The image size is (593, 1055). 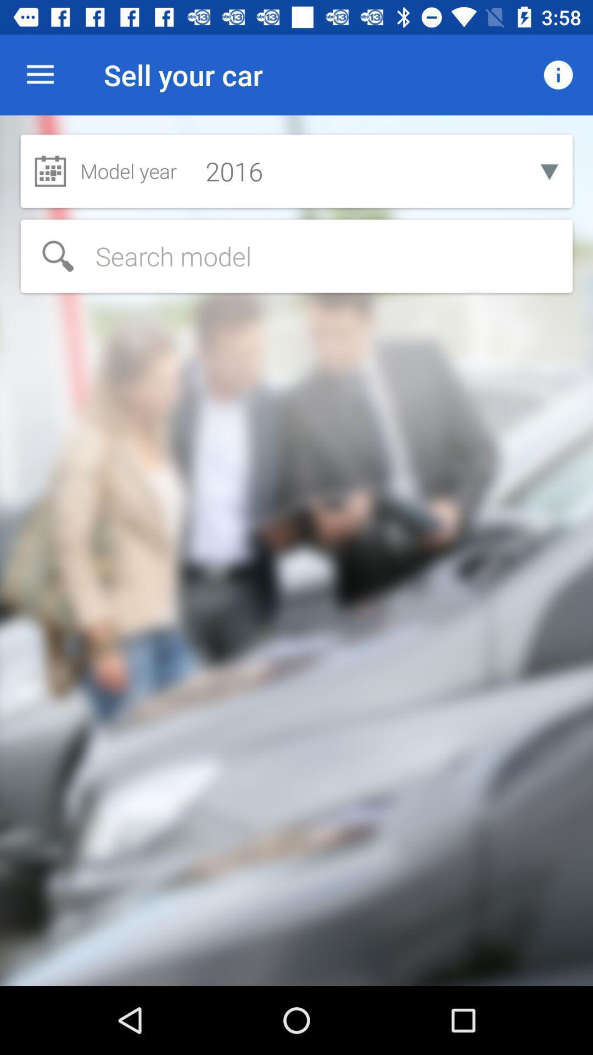 What do you see at coordinates (558, 74) in the screenshot?
I see `the item next to the sell your car icon` at bounding box center [558, 74].